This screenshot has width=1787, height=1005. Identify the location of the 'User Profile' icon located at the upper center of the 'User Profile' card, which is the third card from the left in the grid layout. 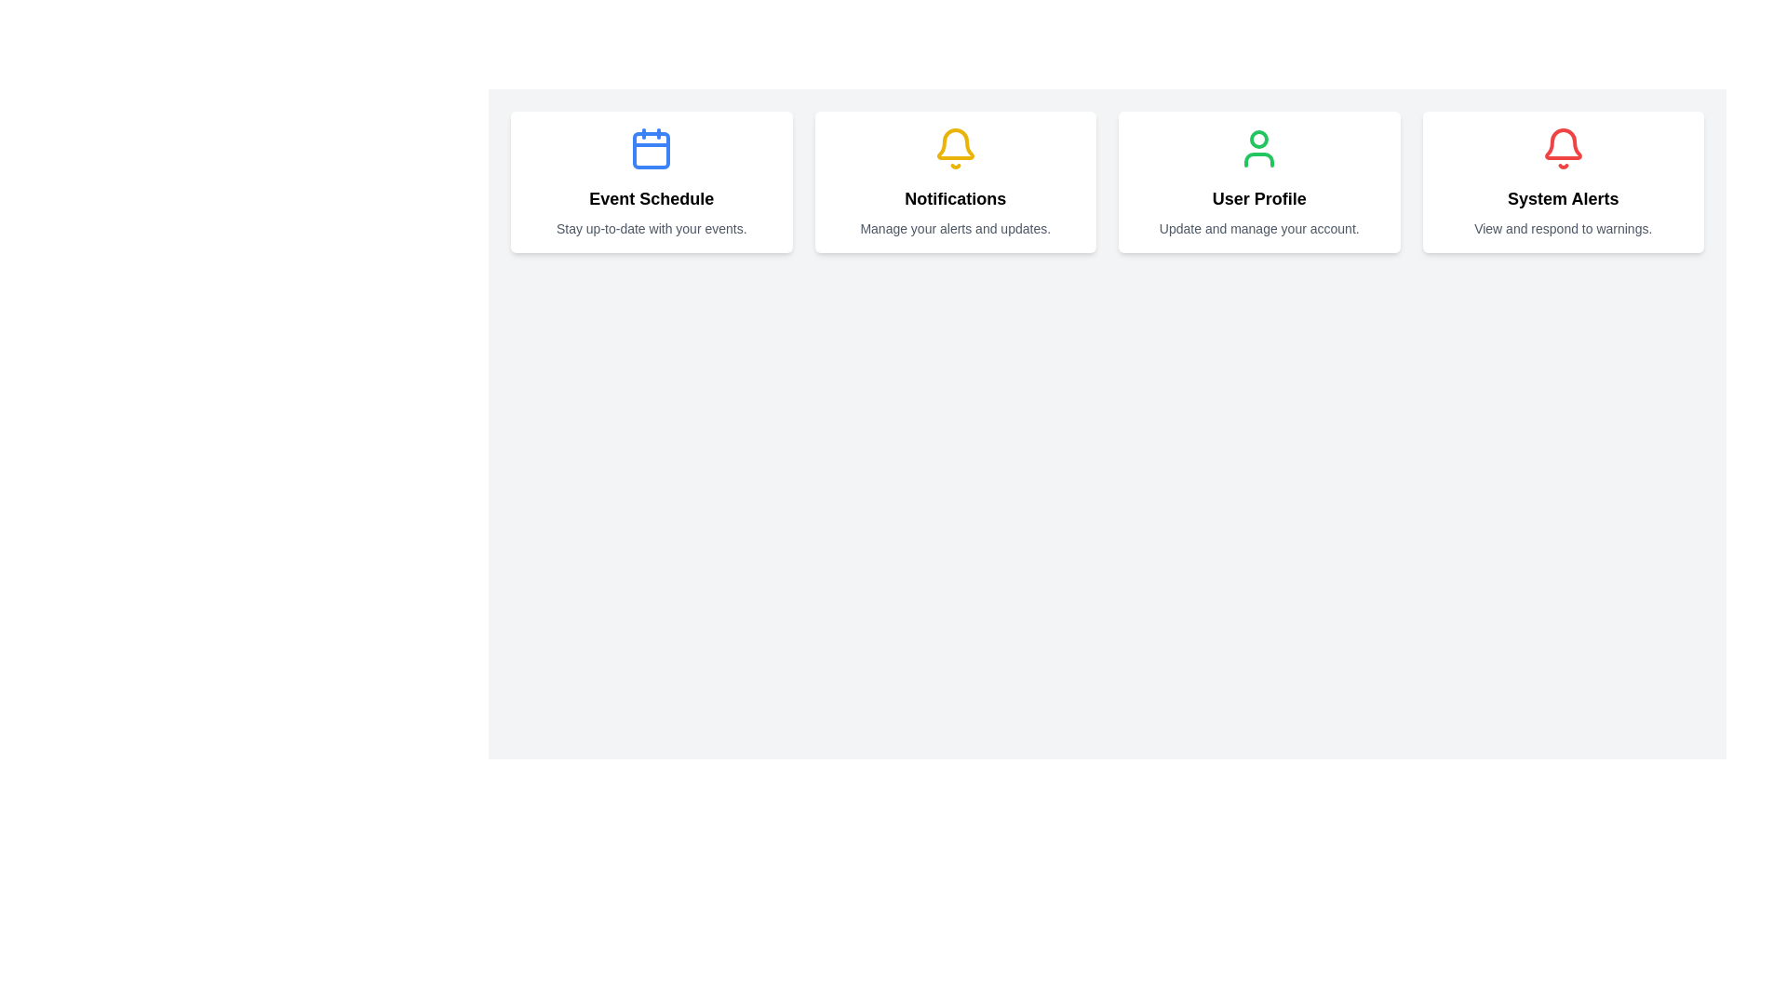
(1259, 147).